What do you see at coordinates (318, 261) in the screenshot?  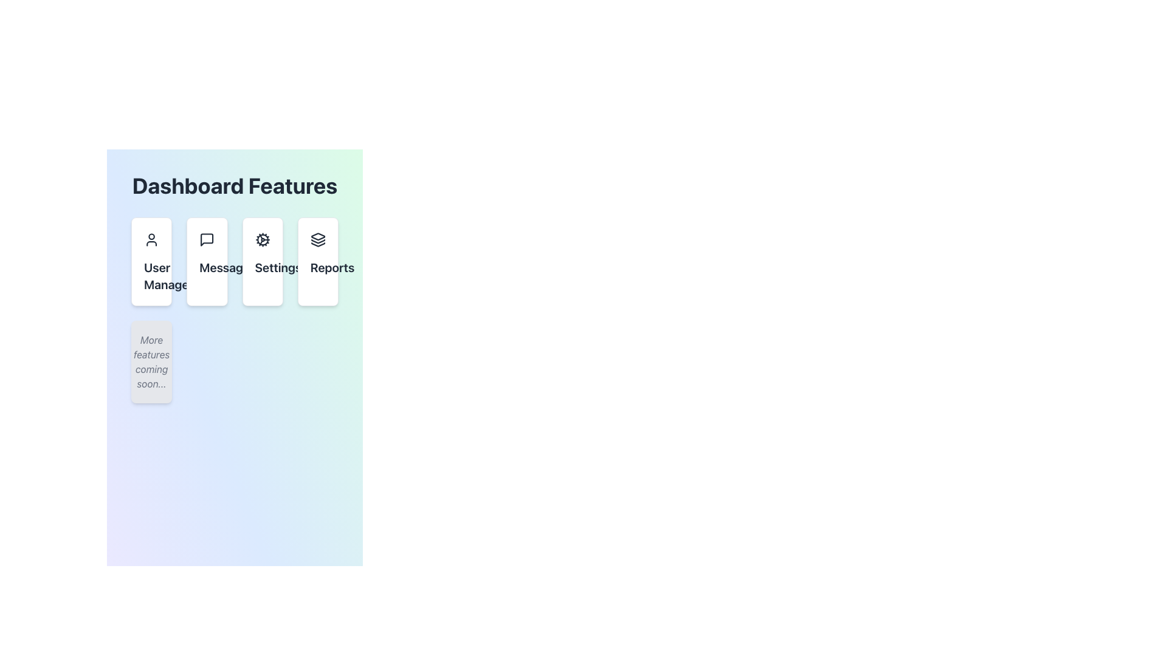 I see `the 'Reports' button, which is a rectangular button with a white background and an icon of stacked layers` at bounding box center [318, 261].